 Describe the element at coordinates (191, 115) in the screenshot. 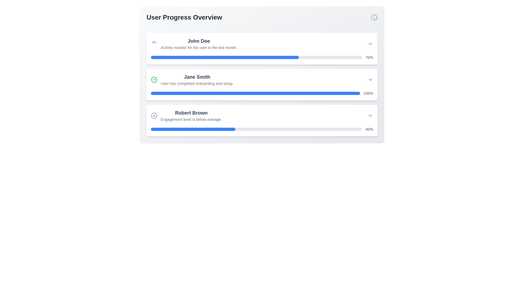

I see `the text block displaying 'Robert Brown' and 'Engagement level is below average.' which is the third element in the 'User Progress Overview' section` at that location.